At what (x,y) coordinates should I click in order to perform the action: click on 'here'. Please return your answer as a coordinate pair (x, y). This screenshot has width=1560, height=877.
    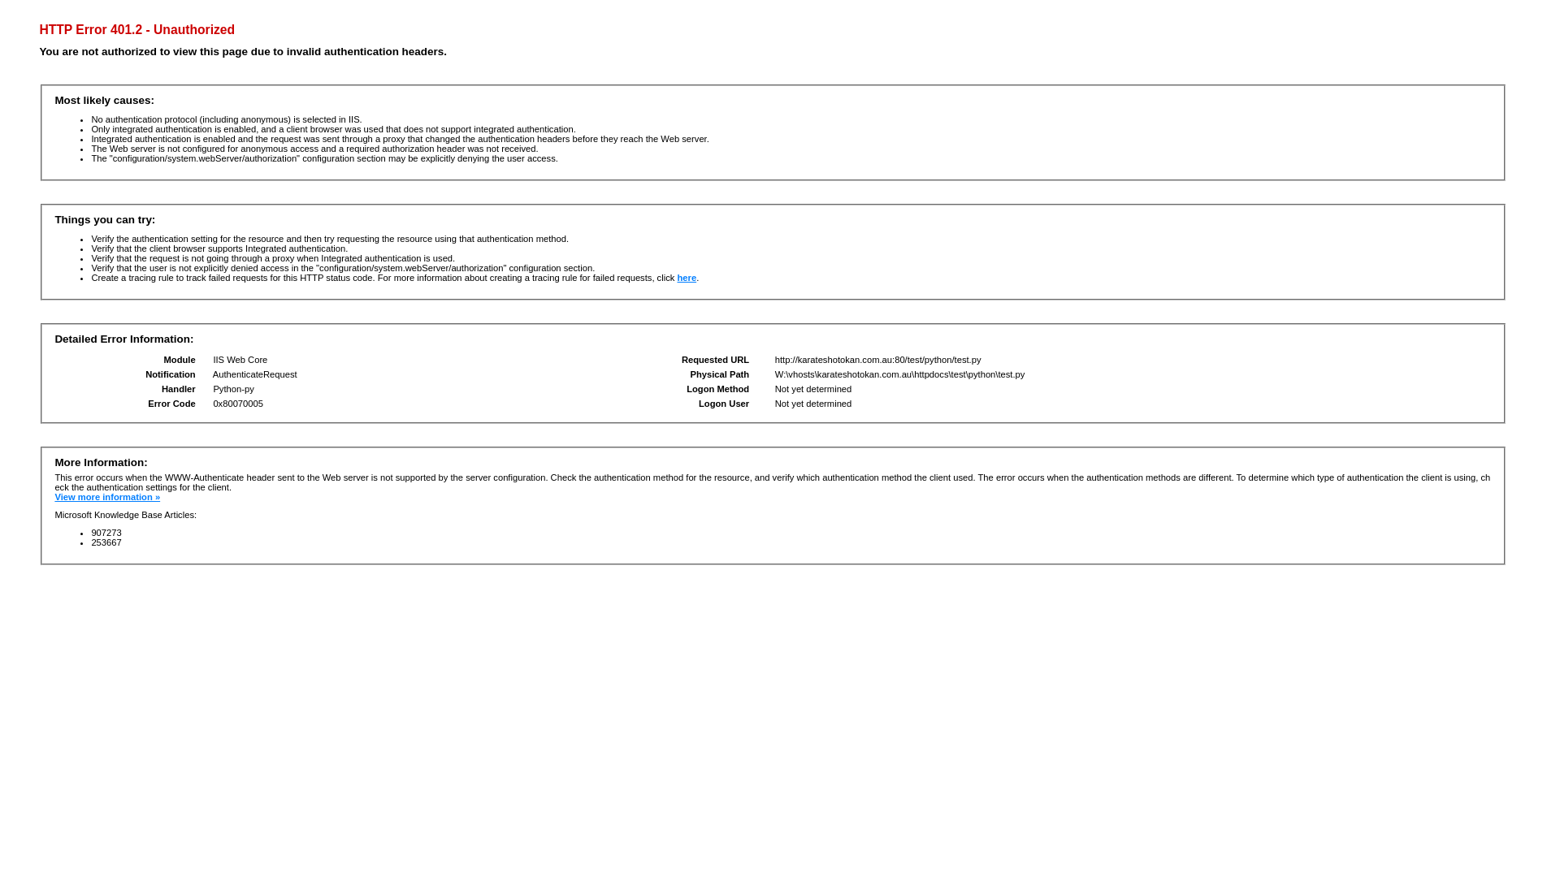
    Looking at the image, I should click on (686, 277).